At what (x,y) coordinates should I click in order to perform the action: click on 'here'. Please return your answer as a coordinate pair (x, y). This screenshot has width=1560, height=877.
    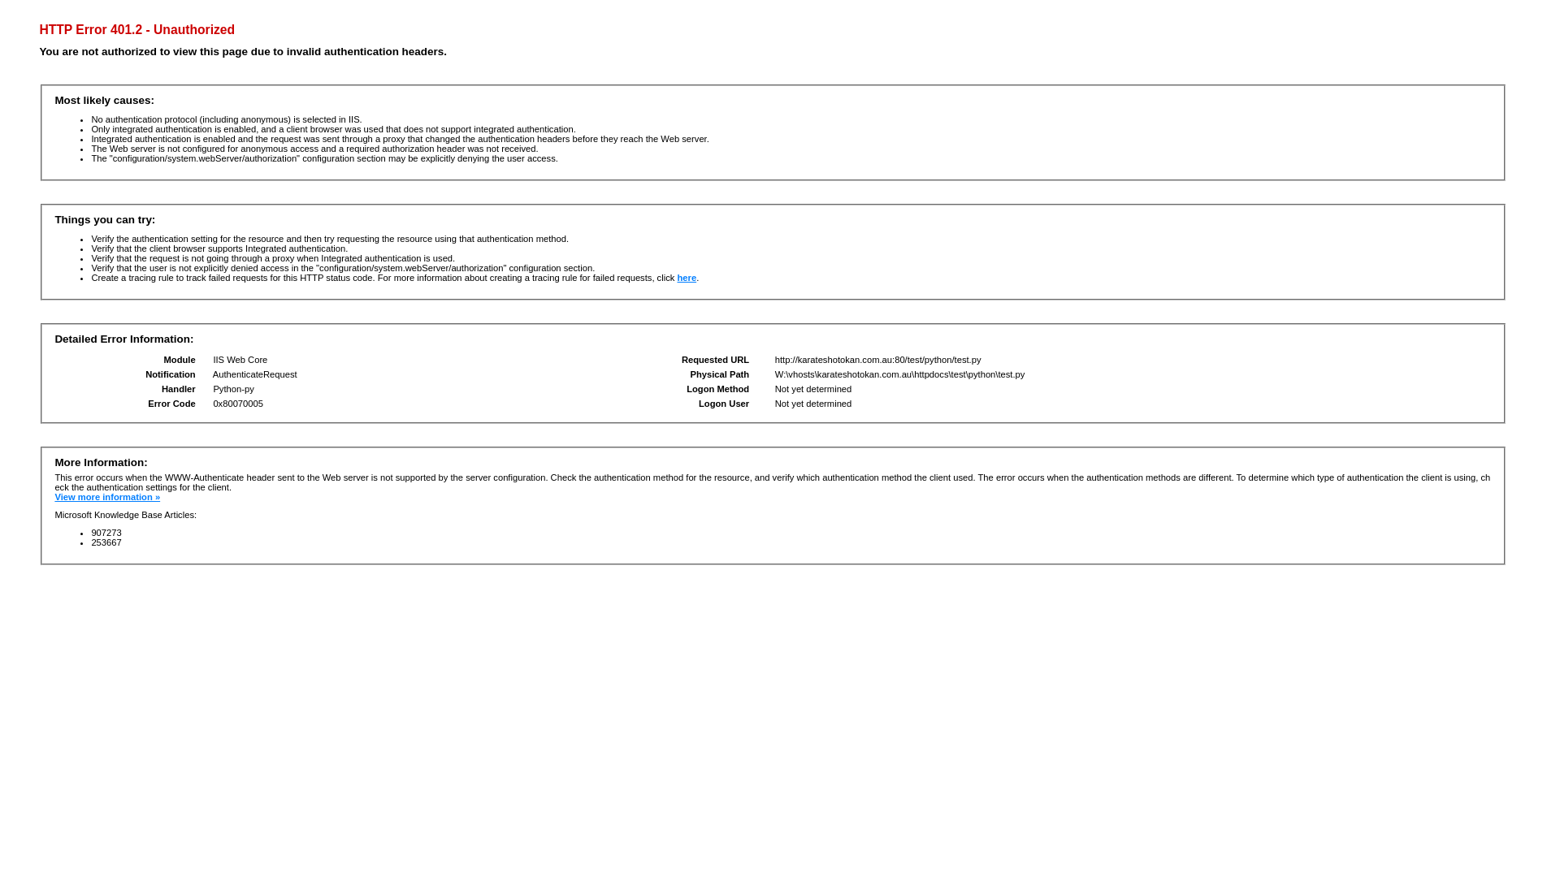
    Looking at the image, I should click on (686, 277).